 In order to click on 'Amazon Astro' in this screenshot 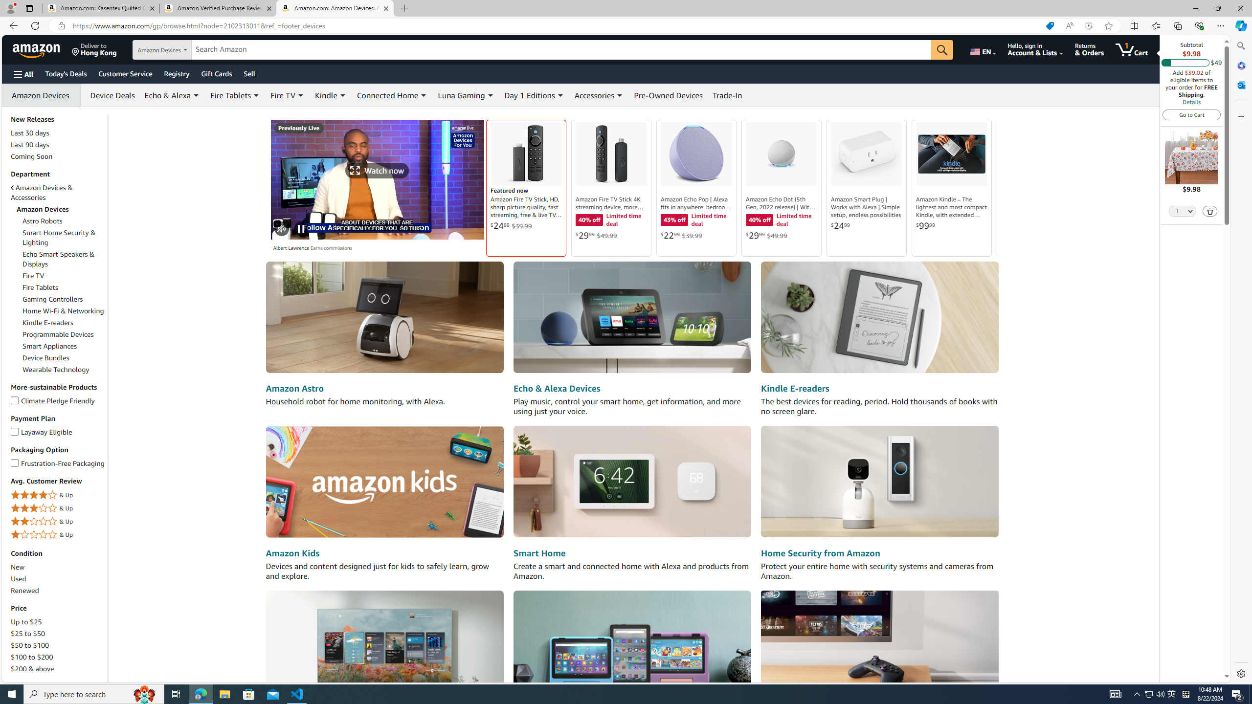, I will do `click(294, 388)`.